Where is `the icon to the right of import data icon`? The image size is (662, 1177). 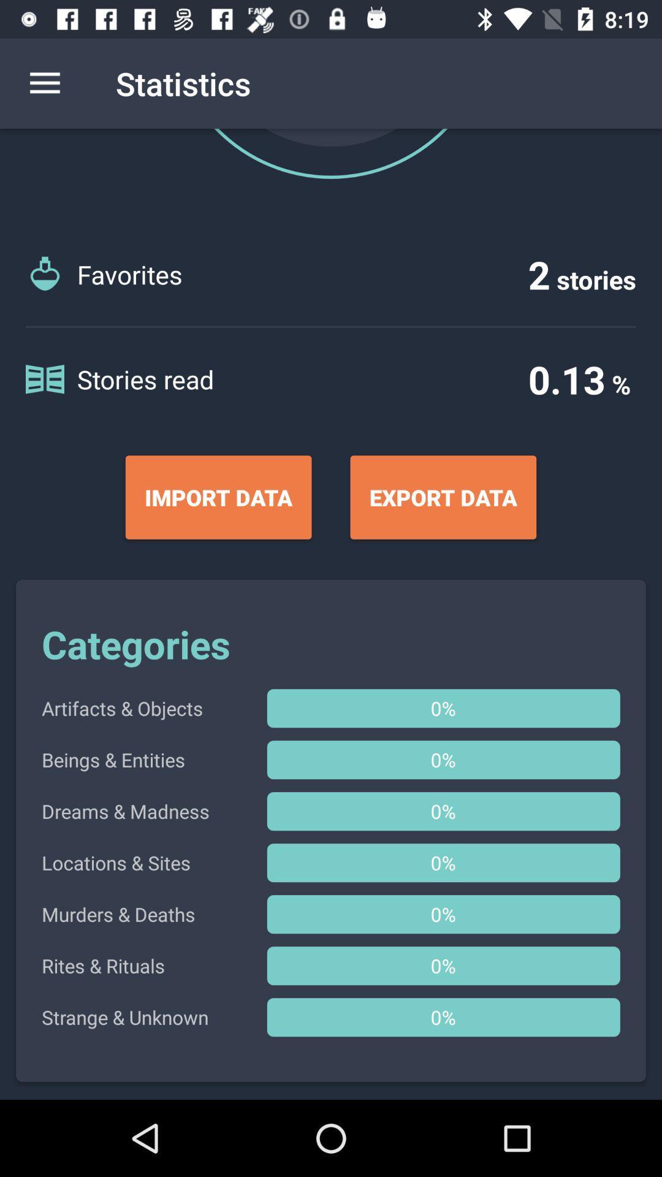 the icon to the right of import data icon is located at coordinates (443, 497).